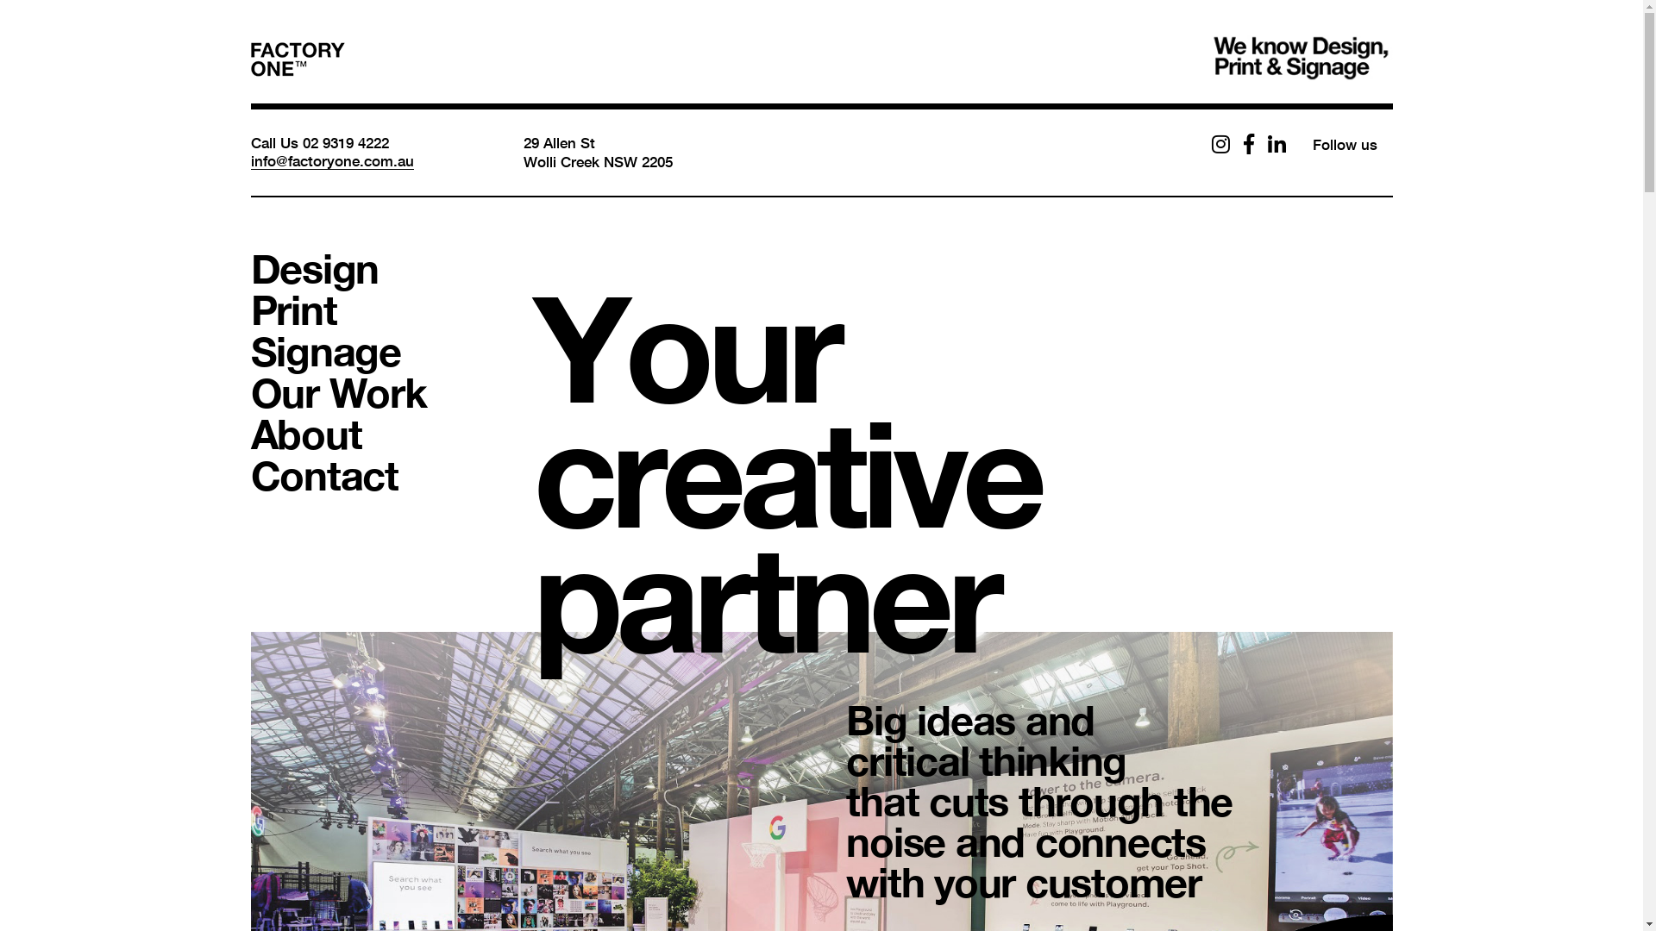 This screenshot has width=1656, height=931. What do you see at coordinates (331, 160) in the screenshot?
I see `'info@factoryone.com.au'` at bounding box center [331, 160].